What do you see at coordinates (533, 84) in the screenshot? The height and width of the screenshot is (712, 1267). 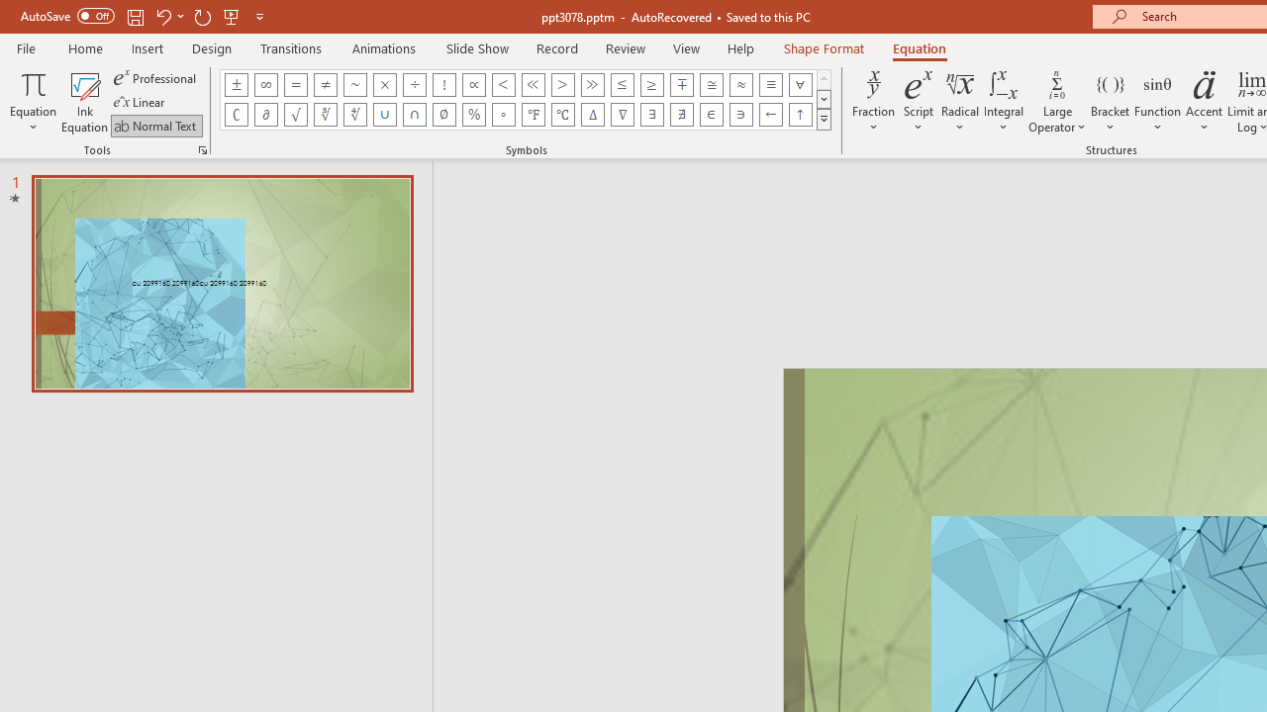 I see `'Equation Symbol Much Less Than'` at bounding box center [533, 84].